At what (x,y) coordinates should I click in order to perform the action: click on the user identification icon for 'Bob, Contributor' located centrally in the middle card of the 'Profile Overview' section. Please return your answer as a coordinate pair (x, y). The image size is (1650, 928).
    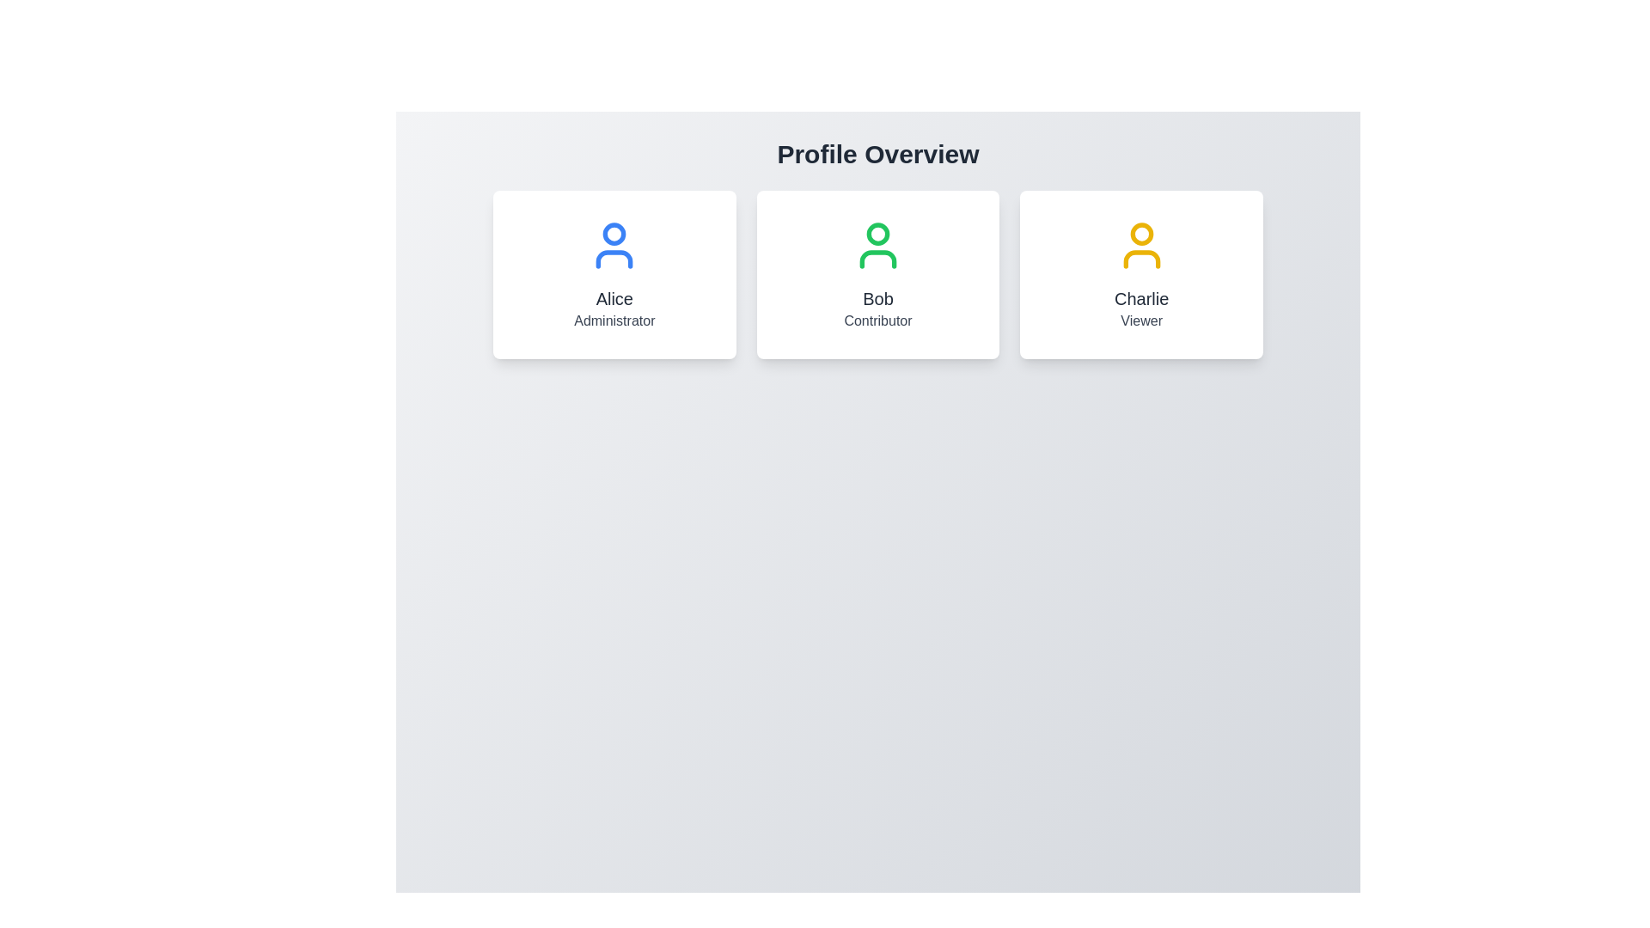
    Looking at the image, I should click on (878, 245).